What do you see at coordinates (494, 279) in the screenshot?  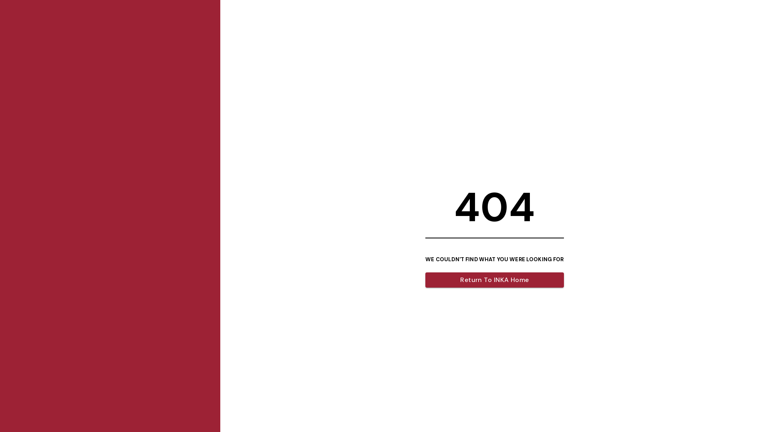 I see `'Return To INKA Home'` at bounding box center [494, 279].